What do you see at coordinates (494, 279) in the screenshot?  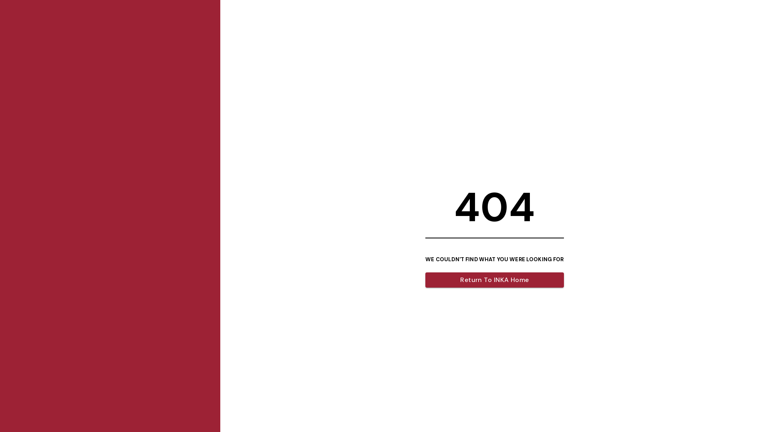 I see `'Return To INKA Home'` at bounding box center [494, 279].